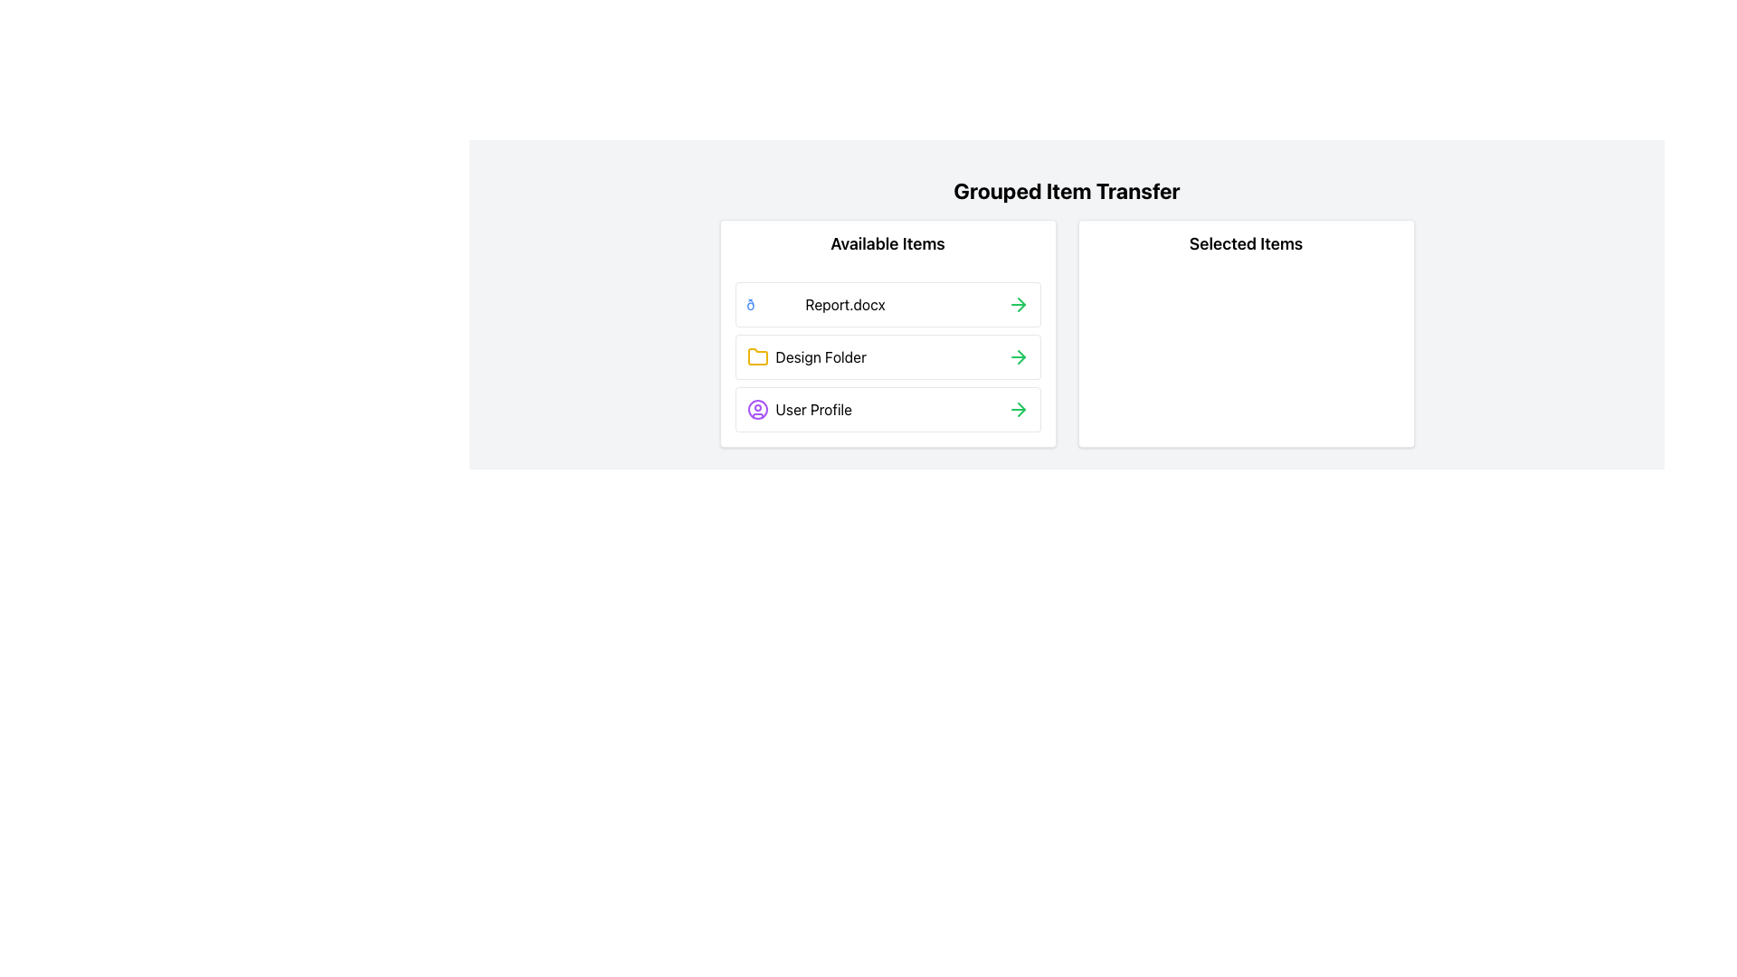 This screenshot has width=1737, height=977. Describe the element at coordinates (798, 409) in the screenshot. I see `the 'User Profile' label and circular purple user icon in the Available Items panel` at that location.